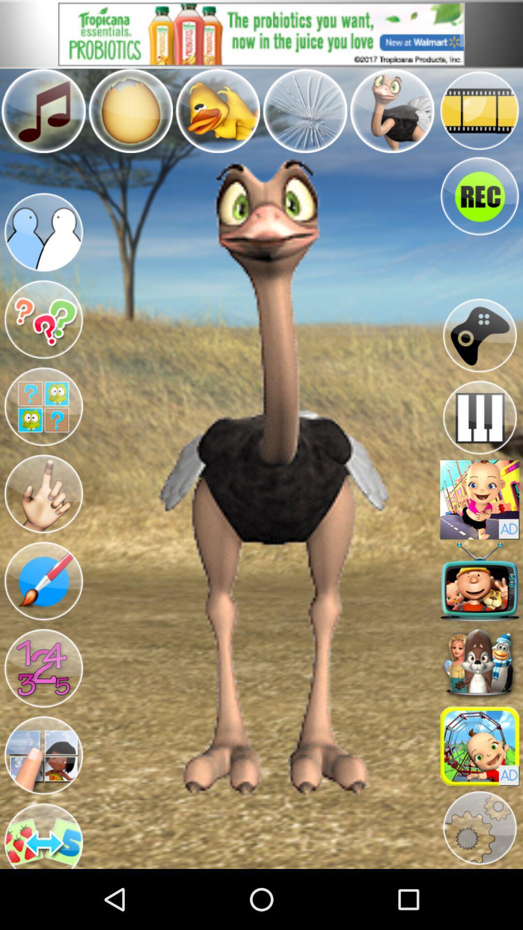 The image size is (523, 930). What do you see at coordinates (479, 886) in the screenshot?
I see `the settings icon` at bounding box center [479, 886].